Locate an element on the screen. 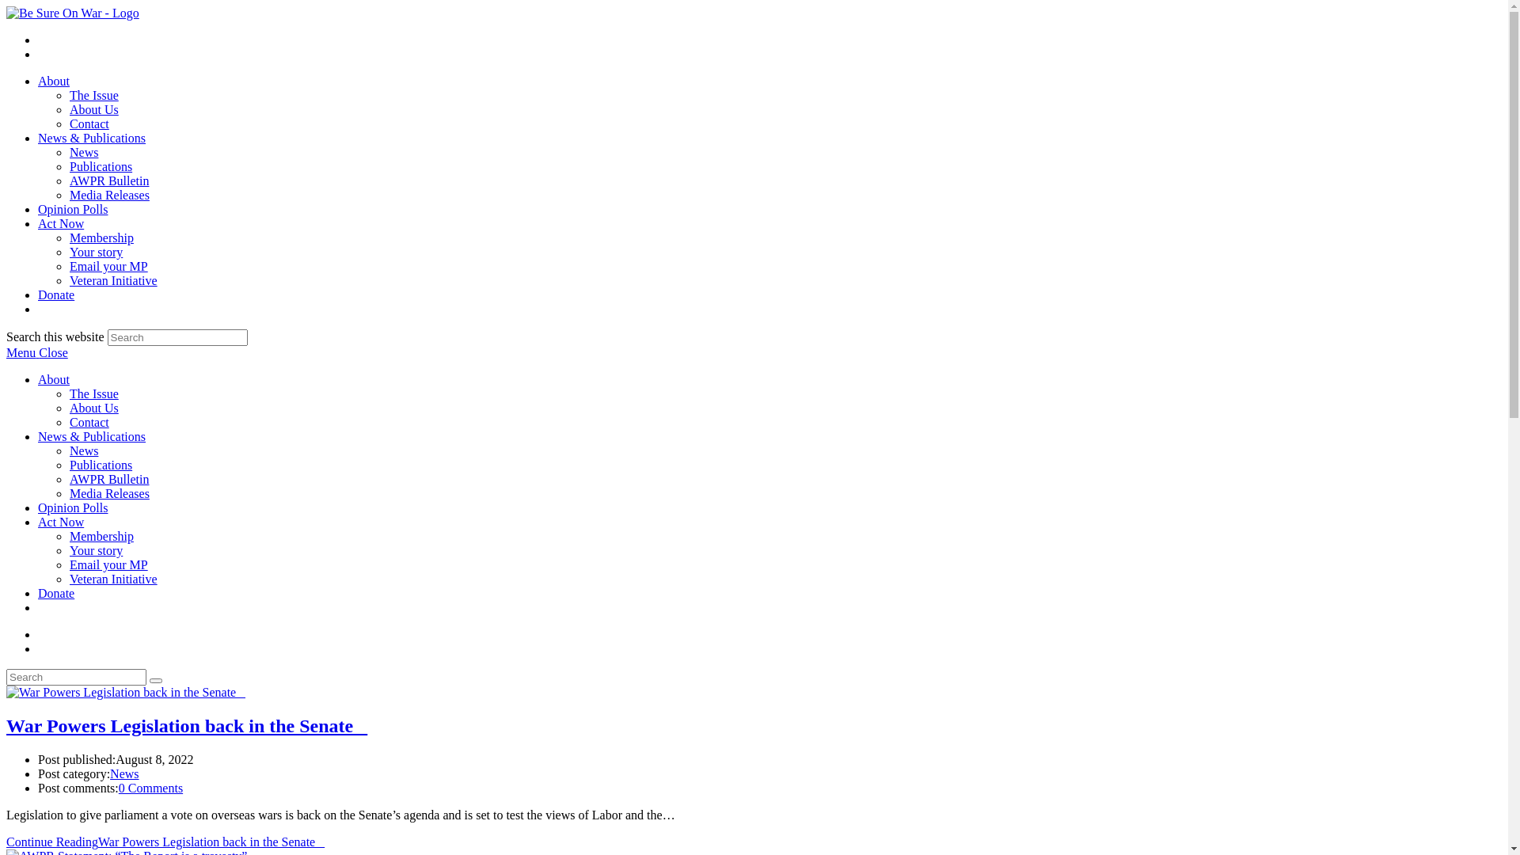  'About' is located at coordinates (53, 379).